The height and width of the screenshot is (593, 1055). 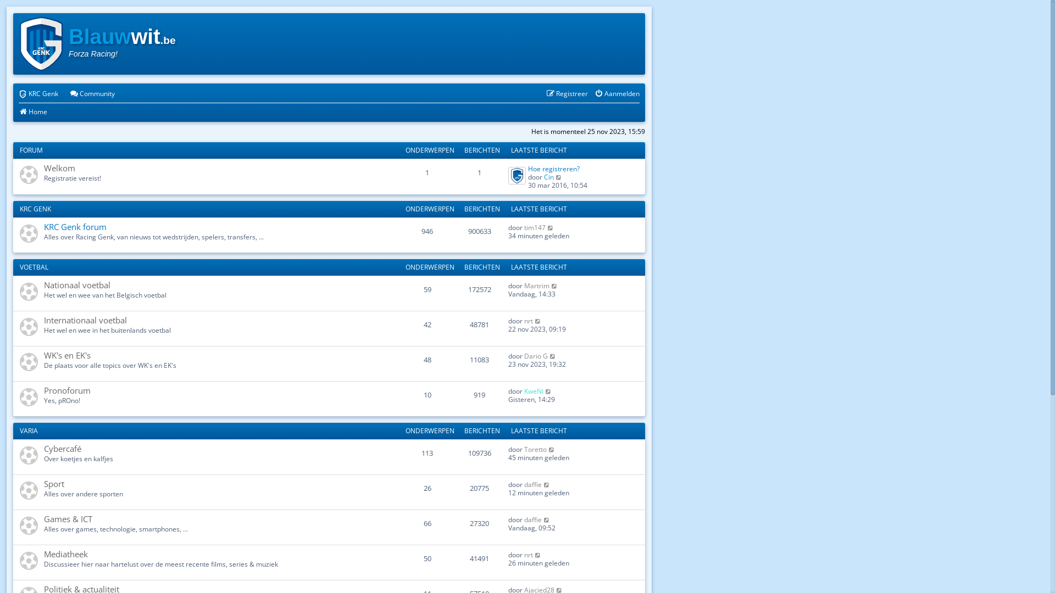 I want to click on 'Martrim', so click(x=524, y=285).